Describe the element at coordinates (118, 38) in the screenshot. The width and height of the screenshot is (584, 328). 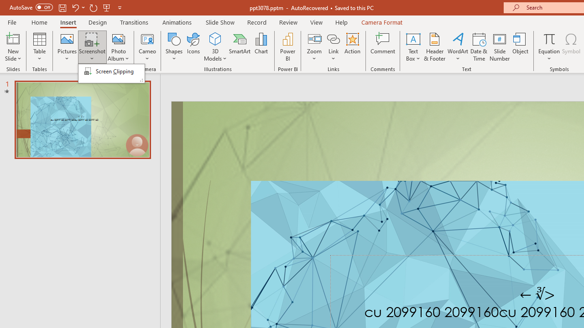
I see `'New Photo Album...'` at that location.